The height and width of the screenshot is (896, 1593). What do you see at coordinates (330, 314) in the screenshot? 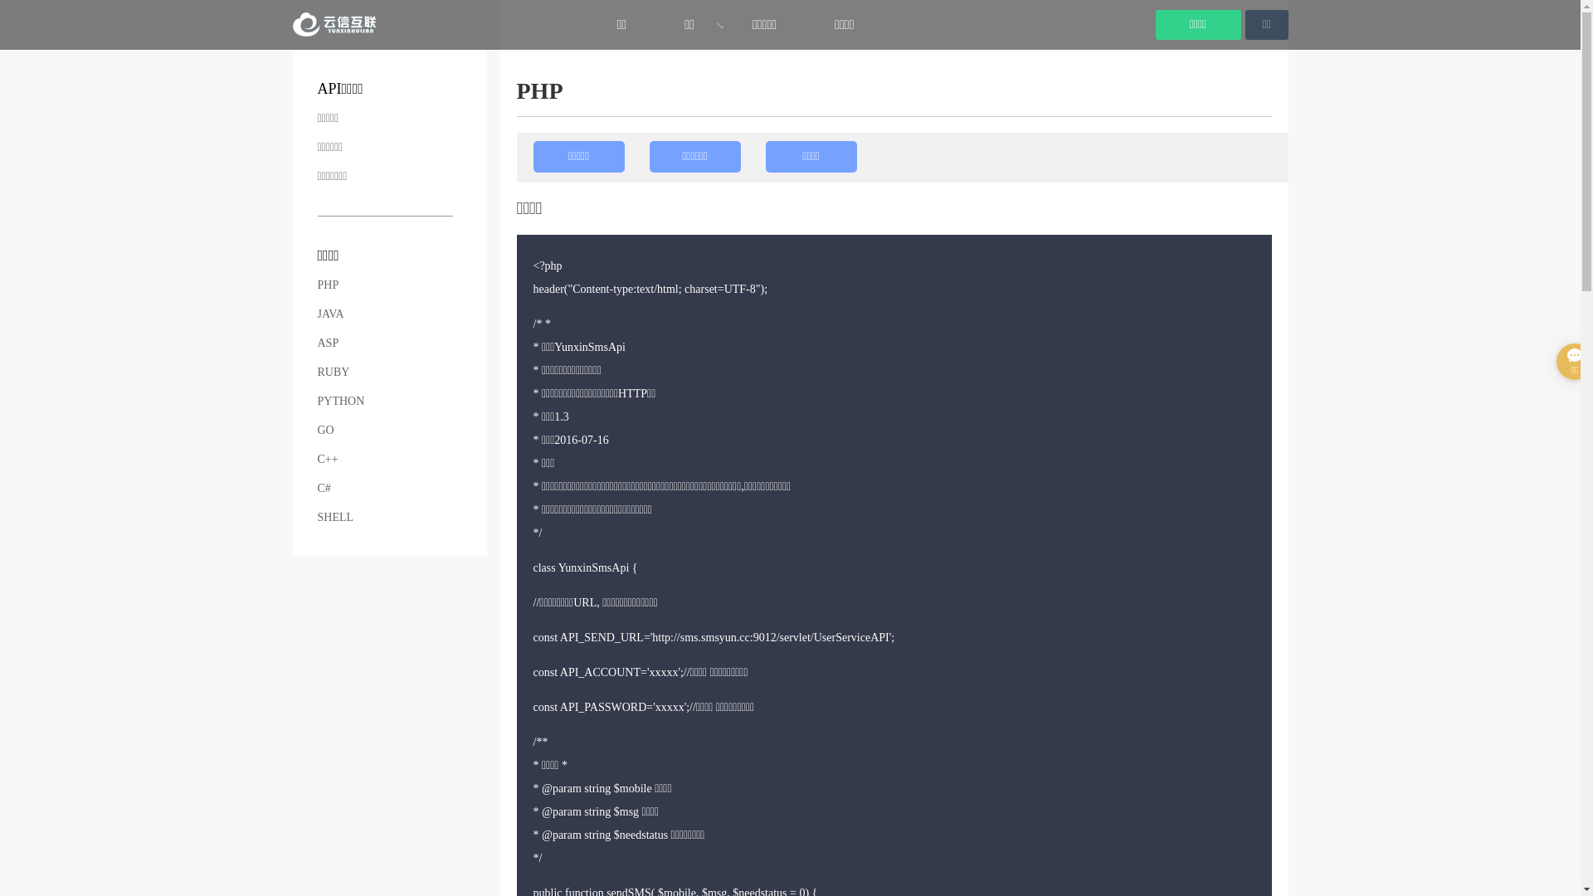
I see `'JAVA'` at bounding box center [330, 314].